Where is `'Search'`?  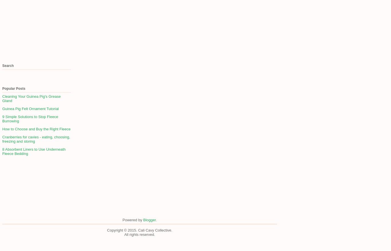 'Search' is located at coordinates (8, 66).